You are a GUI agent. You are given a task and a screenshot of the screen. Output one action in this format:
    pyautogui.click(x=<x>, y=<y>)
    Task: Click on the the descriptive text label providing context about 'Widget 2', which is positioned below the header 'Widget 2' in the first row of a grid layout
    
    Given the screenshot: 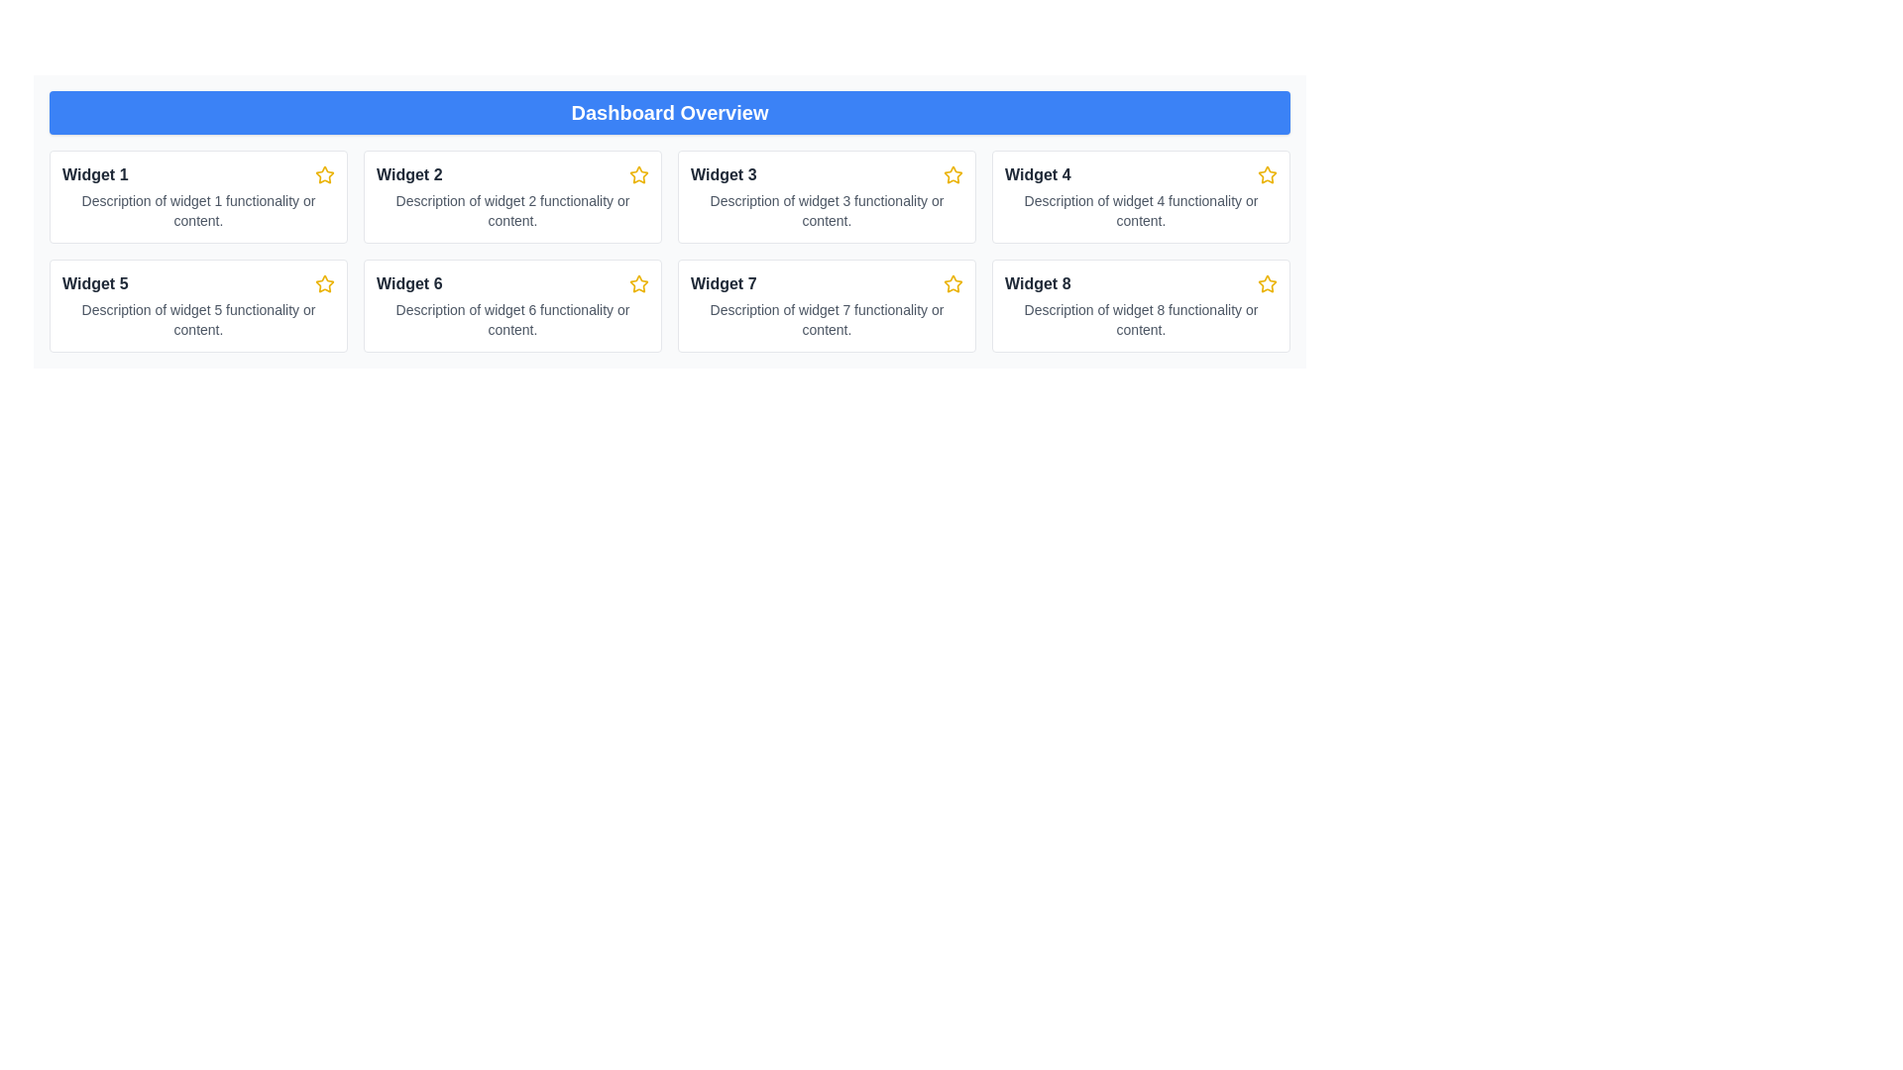 What is the action you would take?
    pyautogui.click(x=512, y=210)
    